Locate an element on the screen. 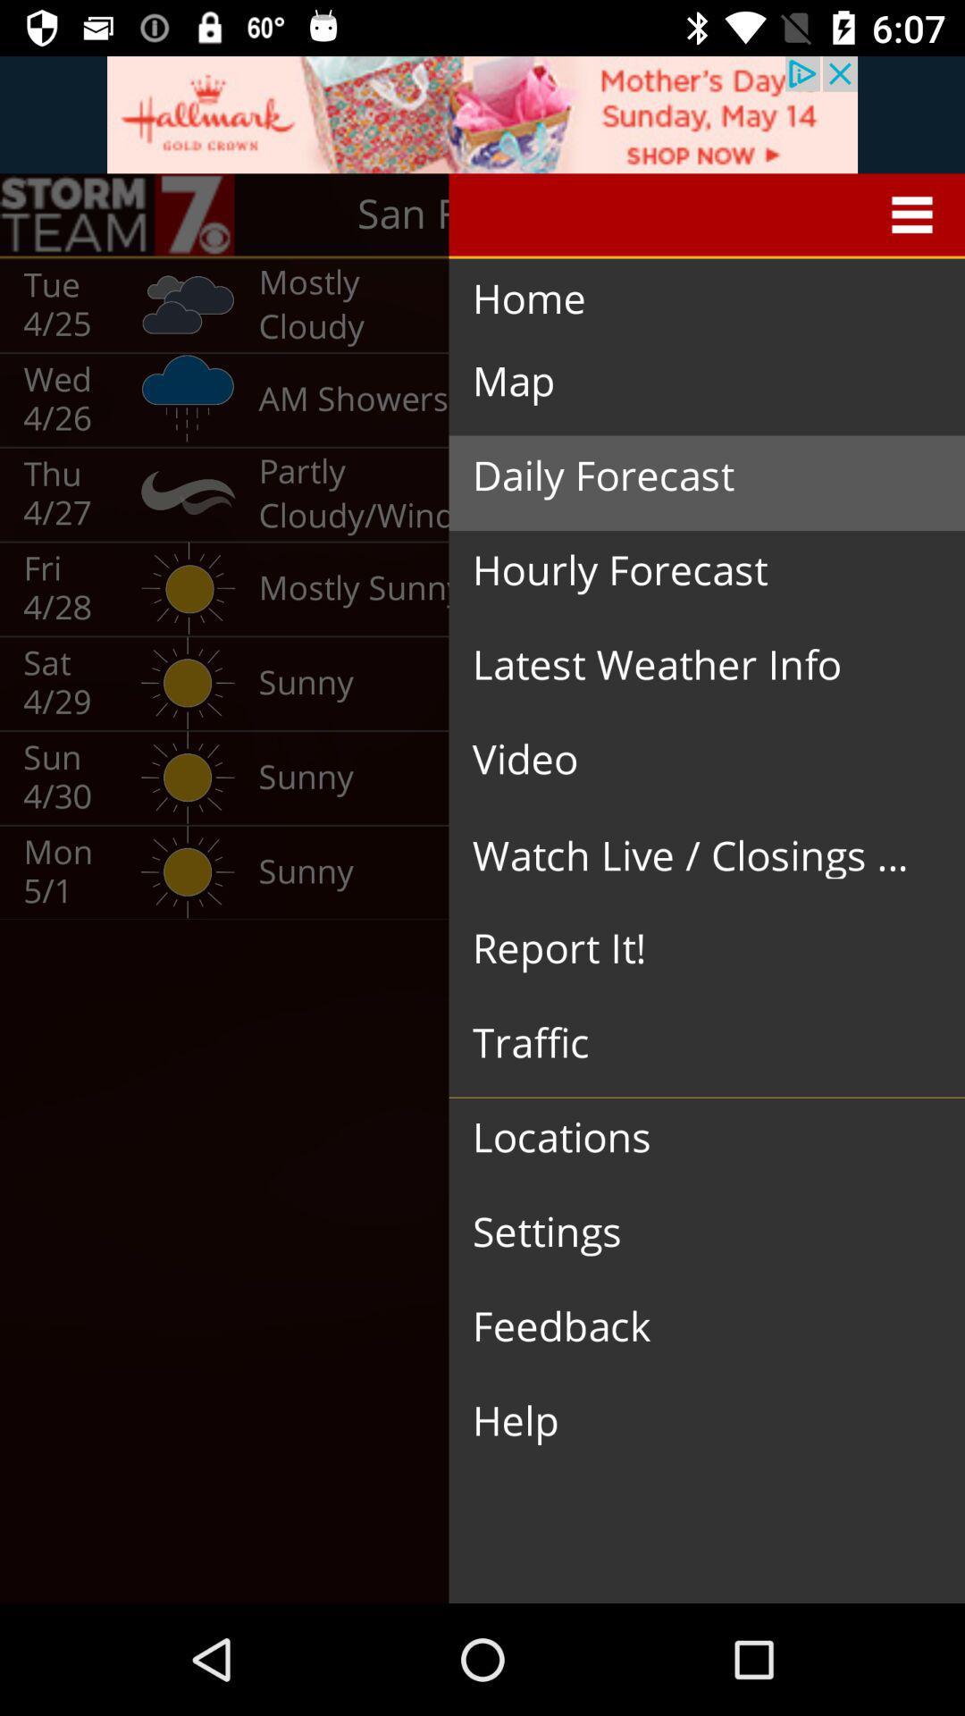 The image size is (965, 1716). latest weather info item is located at coordinates (692, 665).